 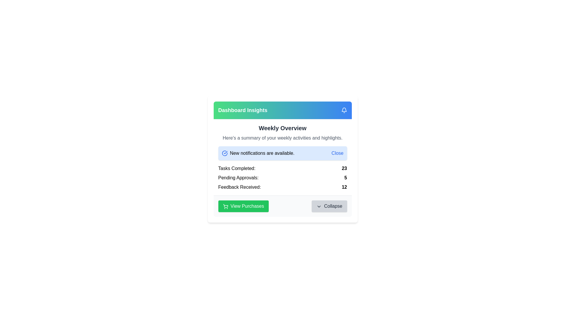 What do you see at coordinates (345, 178) in the screenshot?
I see `the numeral '5' displayed in bold sans-serif font, positioned to the right of 'Pending Approvals:' in the dashboard interface` at bounding box center [345, 178].